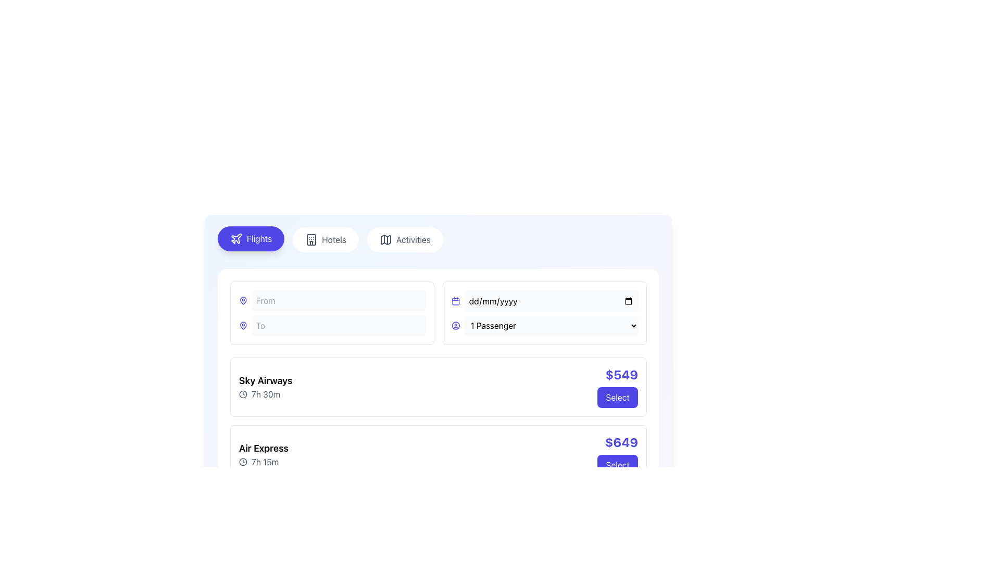 This screenshot has width=1000, height=562. I want to click on the details of the rating display component located next to 'Sky Airways' and above 'Air Express', which shows the flight rating score with a star icon, so click(361, 387).